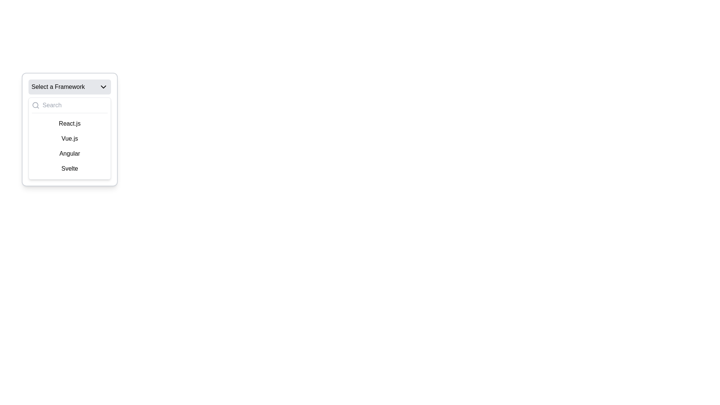 This screenshot has width=720, height=405. I want to click on the 'Vue.js' option in the dropdown menu titled 'Select a Framework', which is the second item below 'React.js', so click(70, 138).